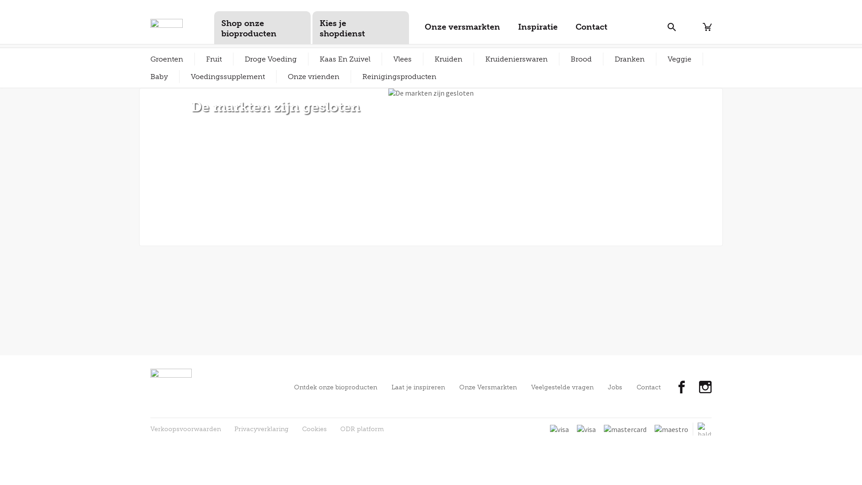 The height and width of the screenshot is (485, 862). What do you see at coordinates (516, 59) in the screenshot?
I see `'Kruidenierswaren'` at bounding box center [516, 59].